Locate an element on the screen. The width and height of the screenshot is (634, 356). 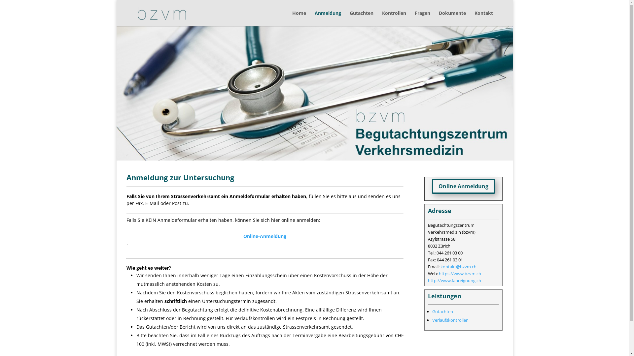
'Kontrollen' is located at coordinates (394, 18).